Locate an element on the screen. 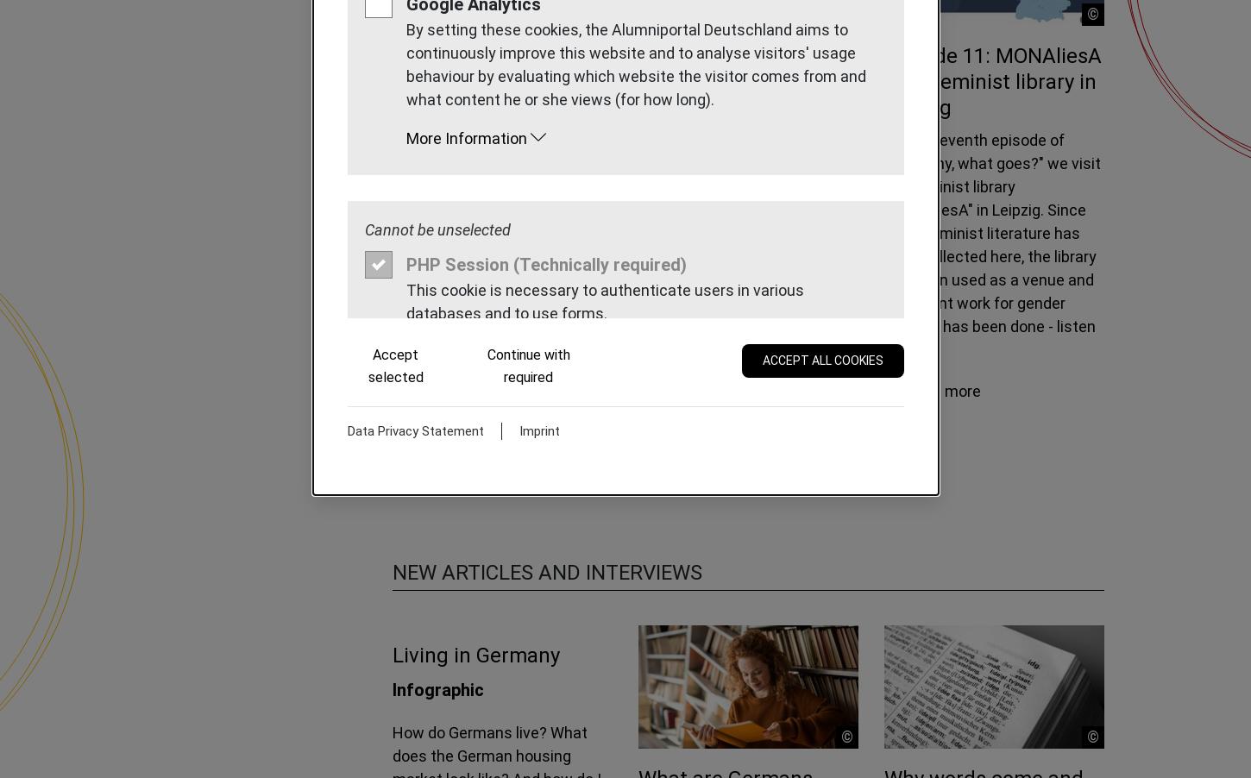 The width and height of the screenshot is (1251, 778). 'Episode 13: Trier - A visit to the Environmental Campus Birkenfeld' is located at coordinates (638, 93).